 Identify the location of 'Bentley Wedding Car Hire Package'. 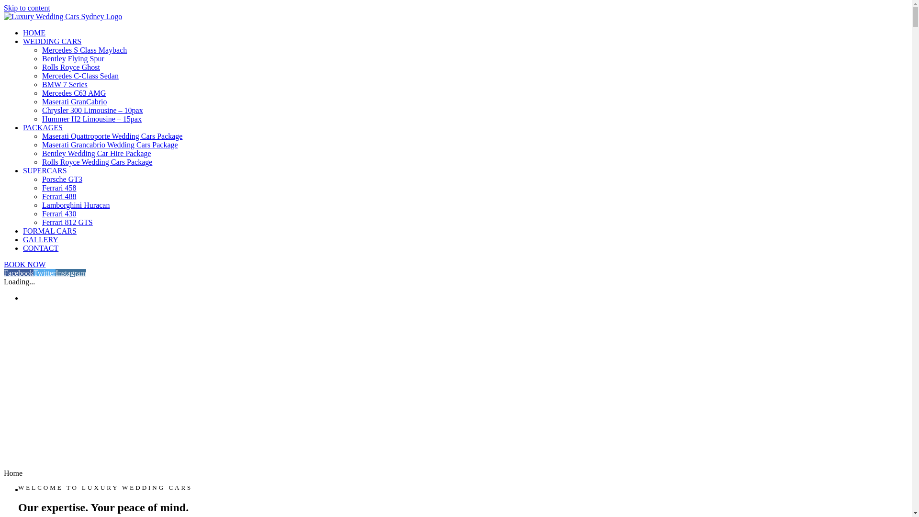
(41, 153).